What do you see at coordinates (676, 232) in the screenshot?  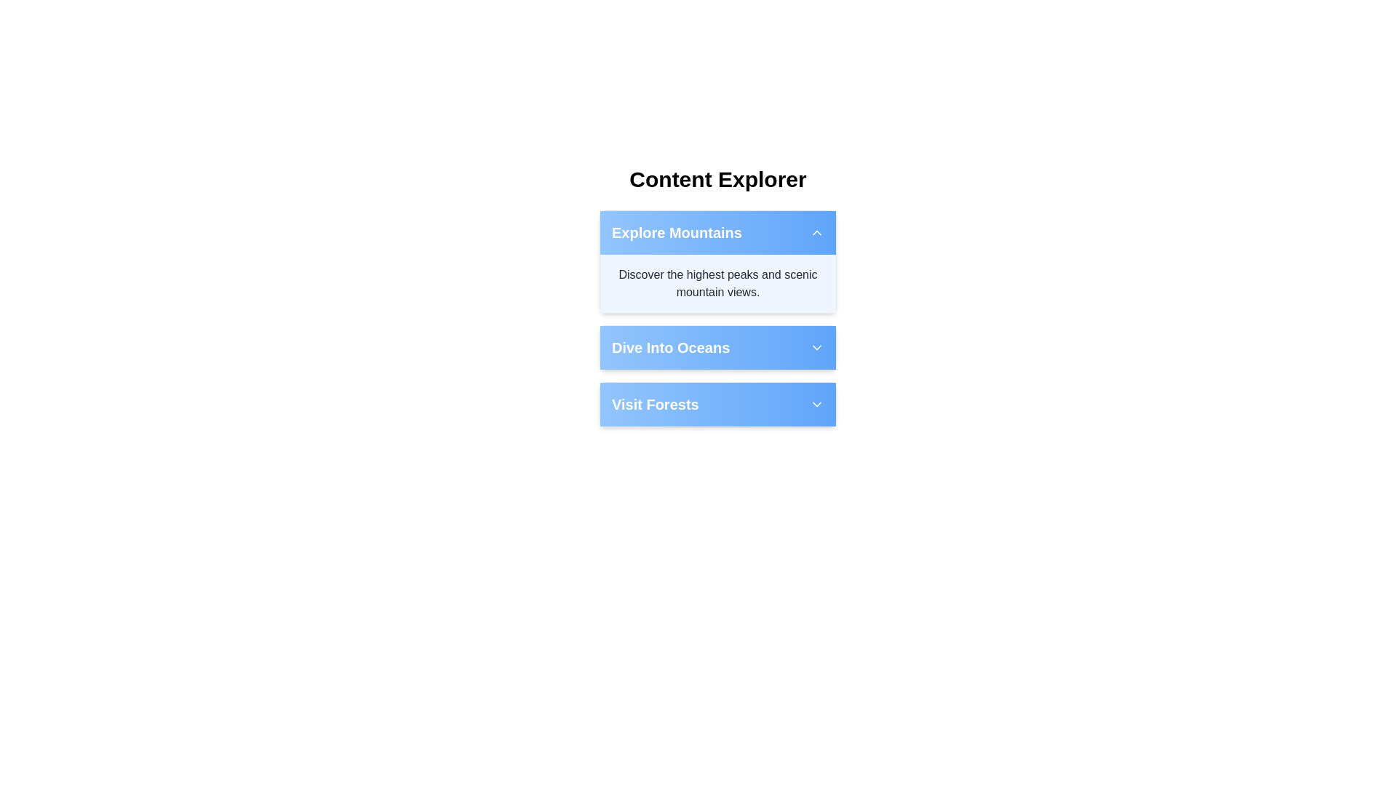 I see `the 'Explore Mountains' text label, which is styled in white on a blue background and is positioned on the left side of a horizontally aligned blue box with a gradient background` at bounding box center [676, 232].